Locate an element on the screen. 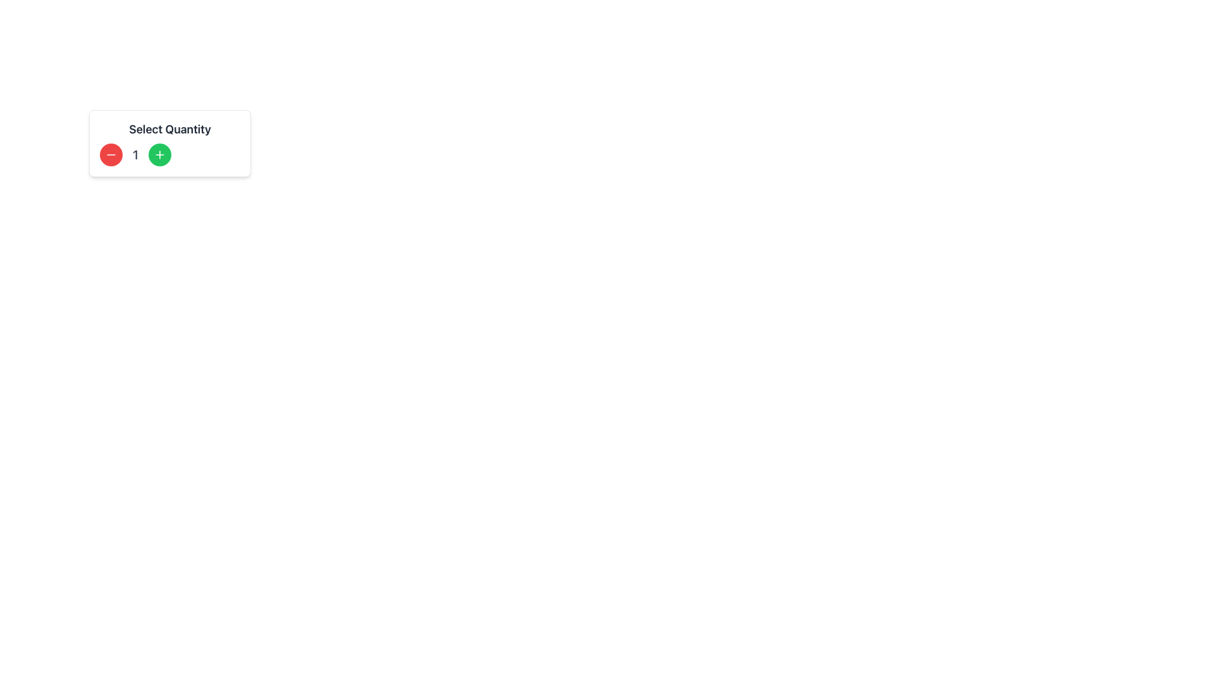 This screenshot has width=1214, height=683. the static text element displaying a bold, gray number, positioned between a red minus button and a green plus button is located at coordinates (135, 154).